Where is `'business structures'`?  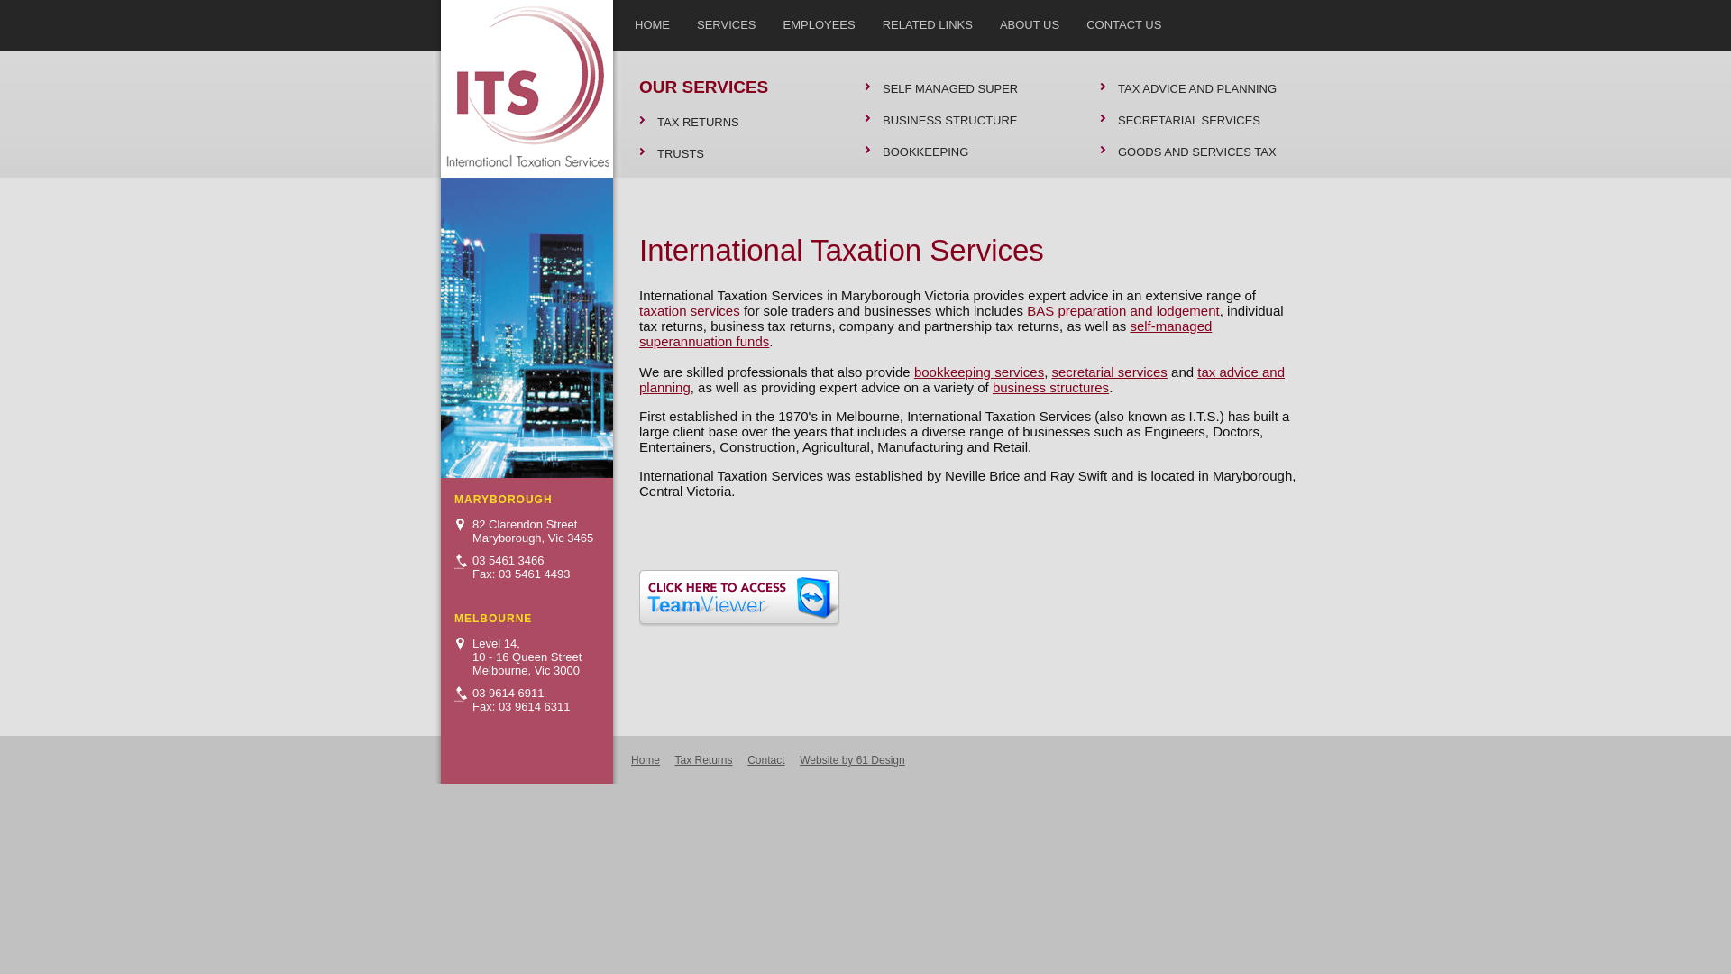
'business structures' is located at coordinates (1050, 386).